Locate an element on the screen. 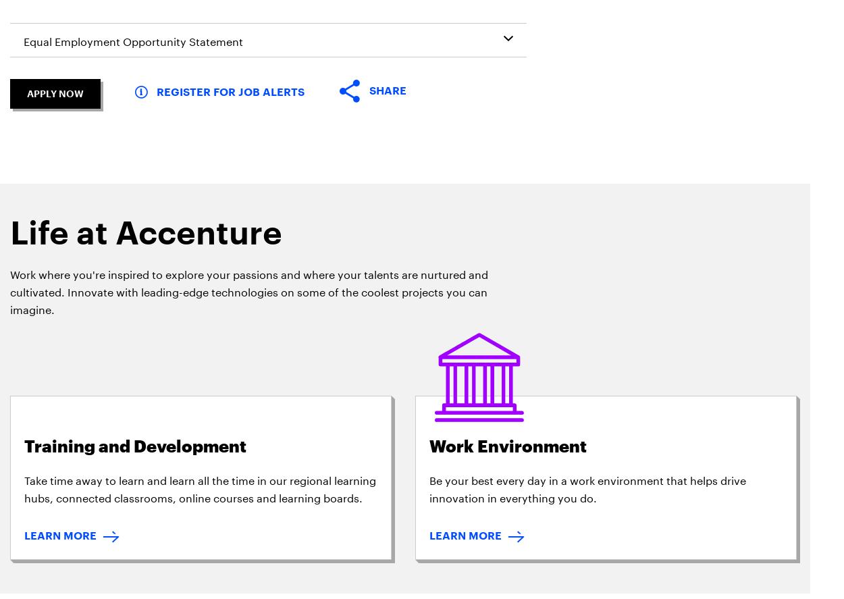  'Alumni' is located at coordinates (364, 199).